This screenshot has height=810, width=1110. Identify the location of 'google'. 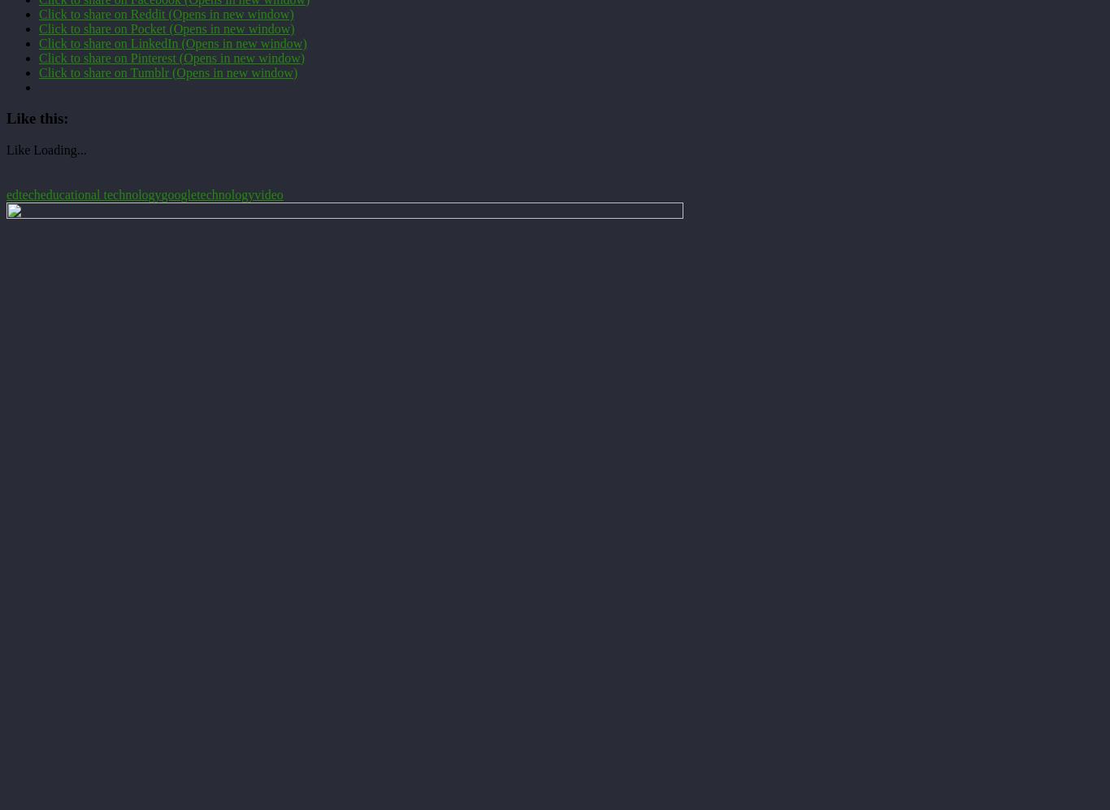
(178, 194).